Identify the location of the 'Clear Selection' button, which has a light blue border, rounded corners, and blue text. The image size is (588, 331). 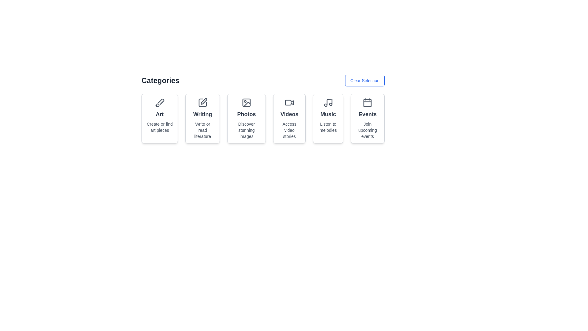
(365, 80).